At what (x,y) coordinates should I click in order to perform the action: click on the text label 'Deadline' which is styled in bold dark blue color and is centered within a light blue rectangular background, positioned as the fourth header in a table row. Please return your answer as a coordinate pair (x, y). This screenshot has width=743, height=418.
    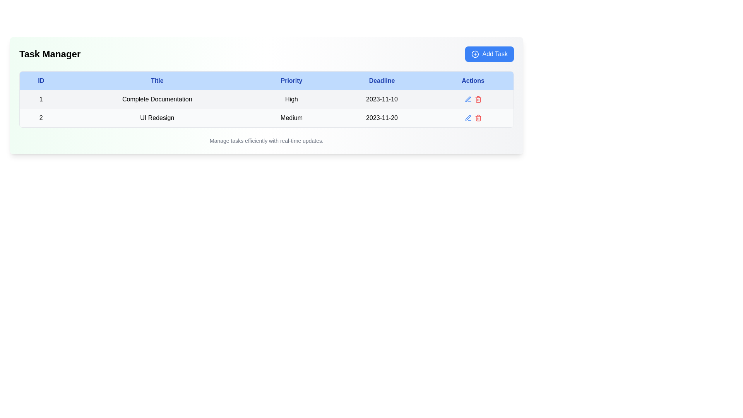
    Looking at the image, I should click on (382, 81).